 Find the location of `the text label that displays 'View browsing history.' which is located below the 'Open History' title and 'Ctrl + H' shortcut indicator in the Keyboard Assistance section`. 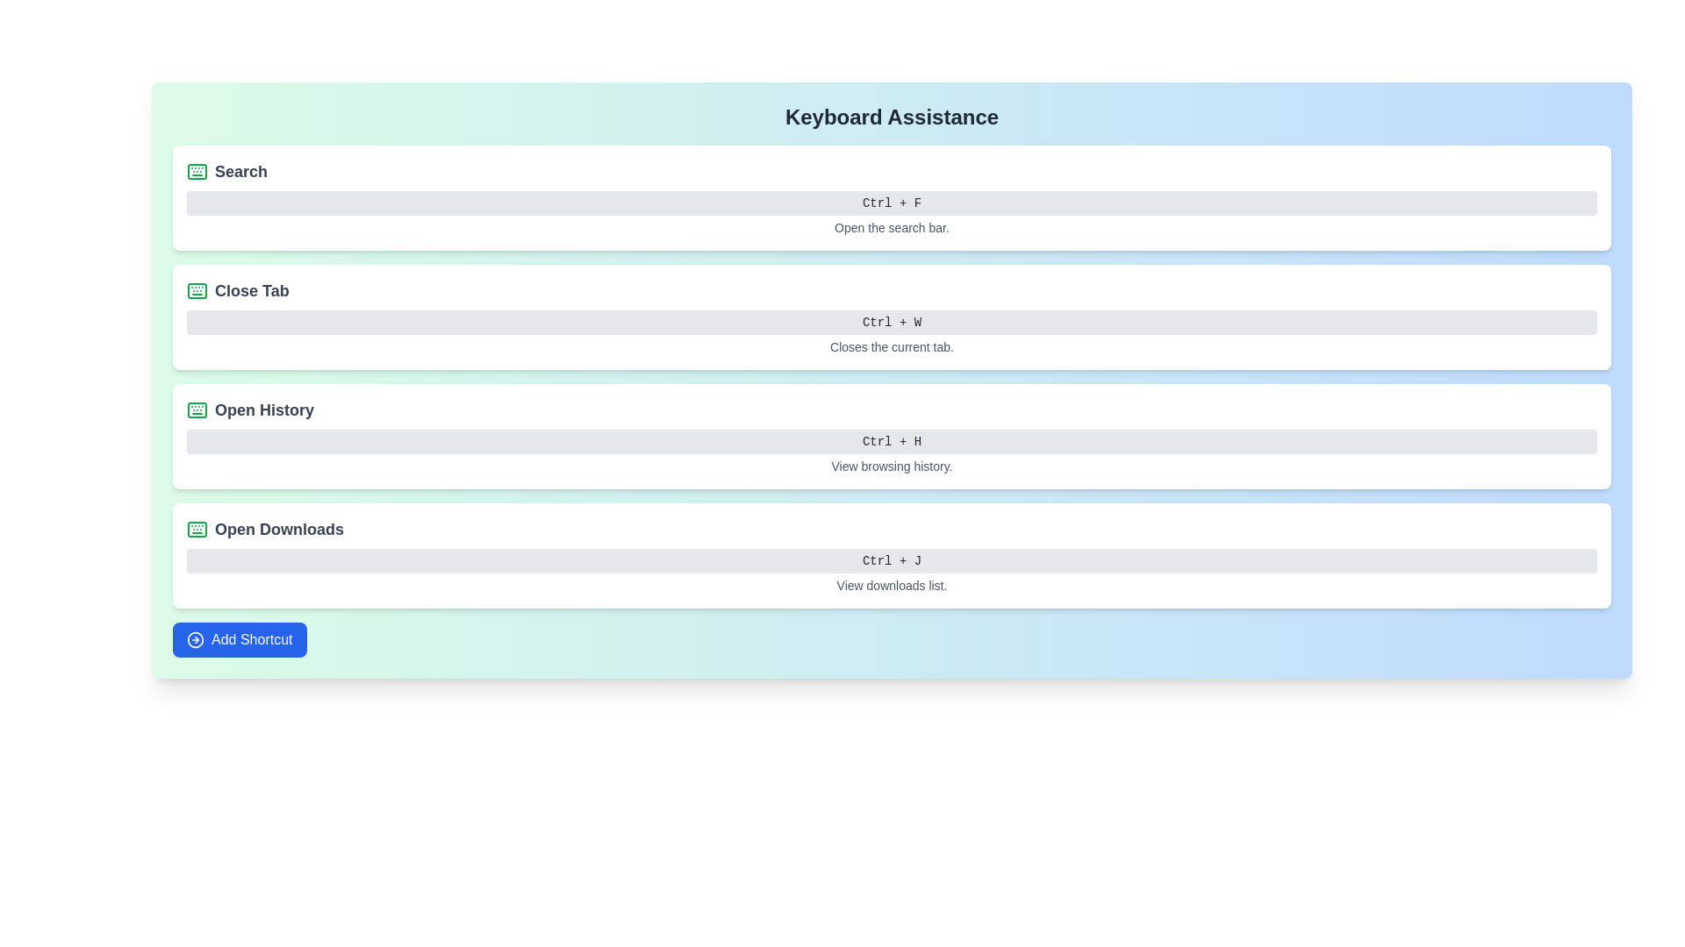

the text label that displays 'View browsing history.' which is located below the 'Open History' title and 'Ctrl + H' shortcut indicator in the Keyboard Assistance section is located at coordinates (892, 466).